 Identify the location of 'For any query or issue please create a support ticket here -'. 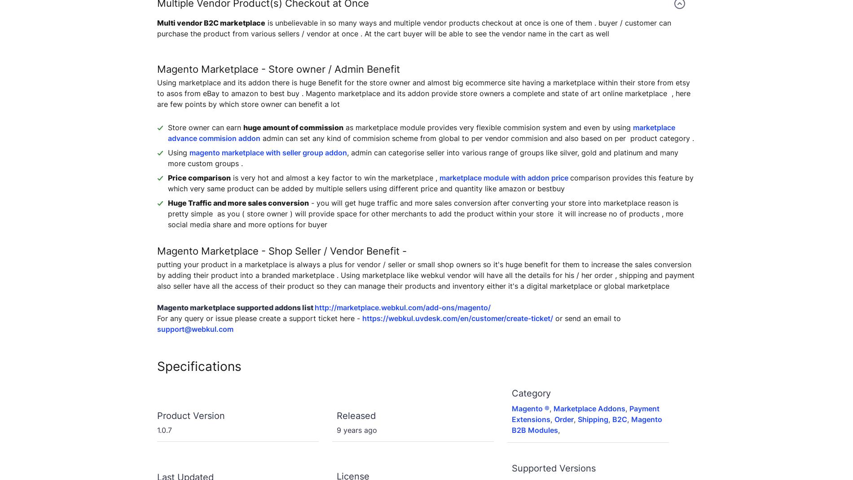
(259, 317).